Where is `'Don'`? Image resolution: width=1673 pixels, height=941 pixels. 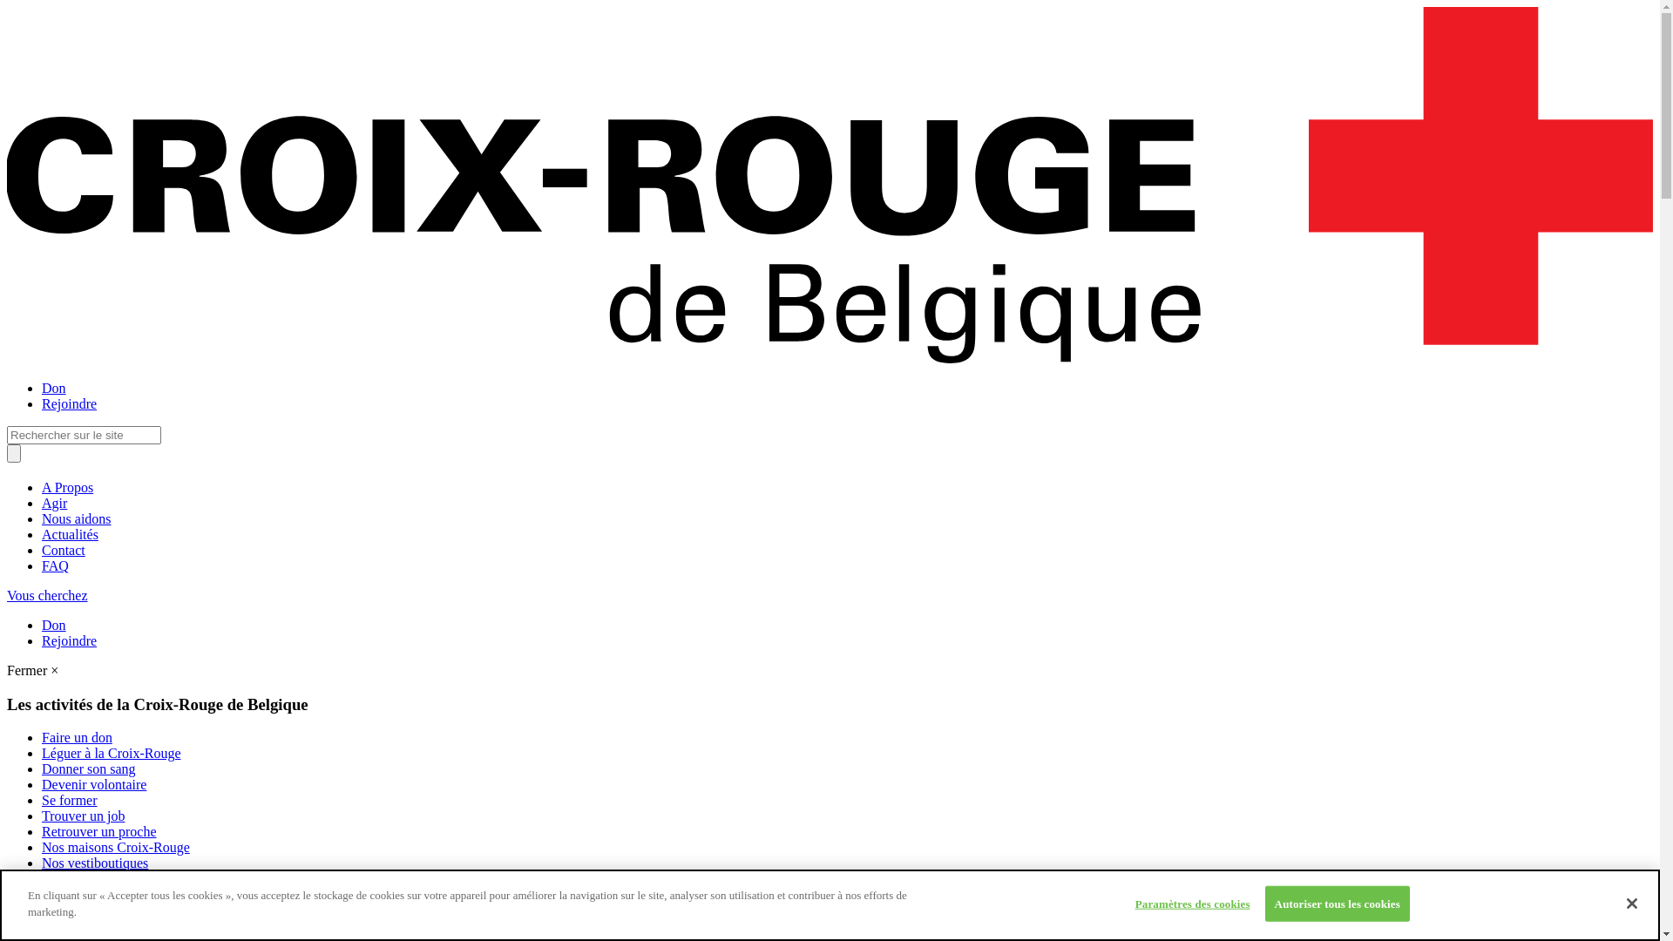 'Don' is located at coordinates (42, 624).